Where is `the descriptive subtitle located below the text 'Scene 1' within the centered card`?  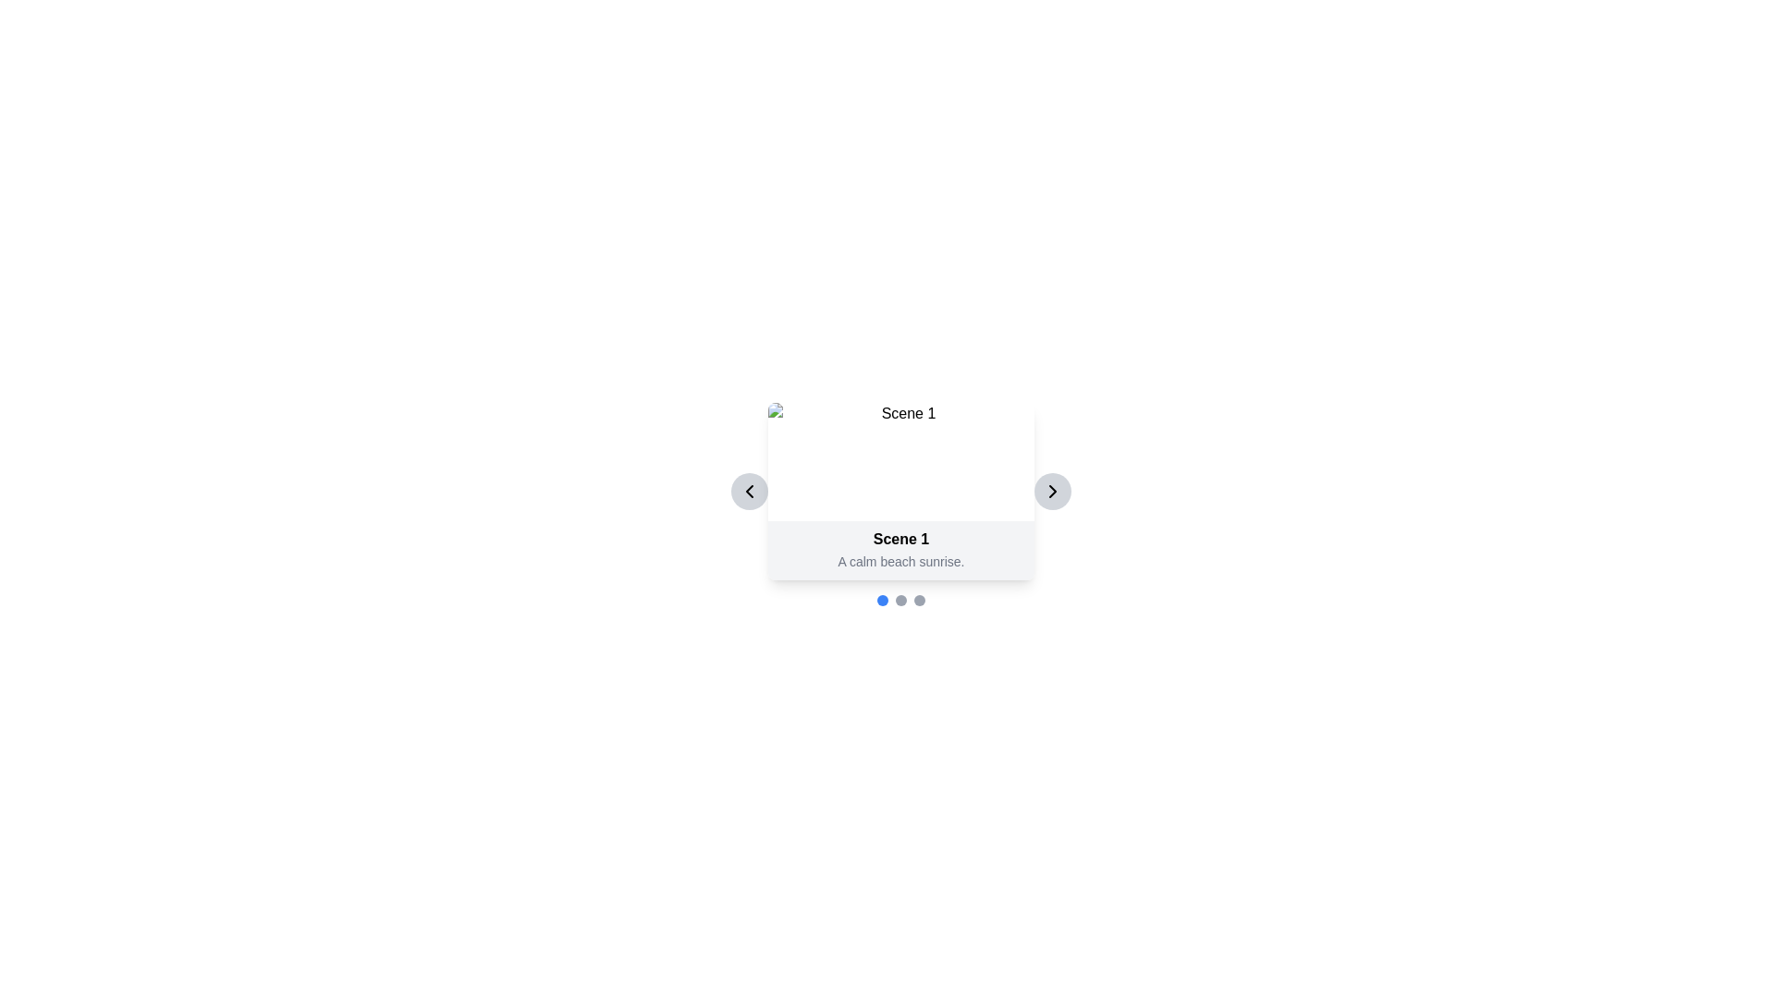
the descriptive subtitle located below the text 'Scene 1' within the centered card is located at coordinates (900, 561).